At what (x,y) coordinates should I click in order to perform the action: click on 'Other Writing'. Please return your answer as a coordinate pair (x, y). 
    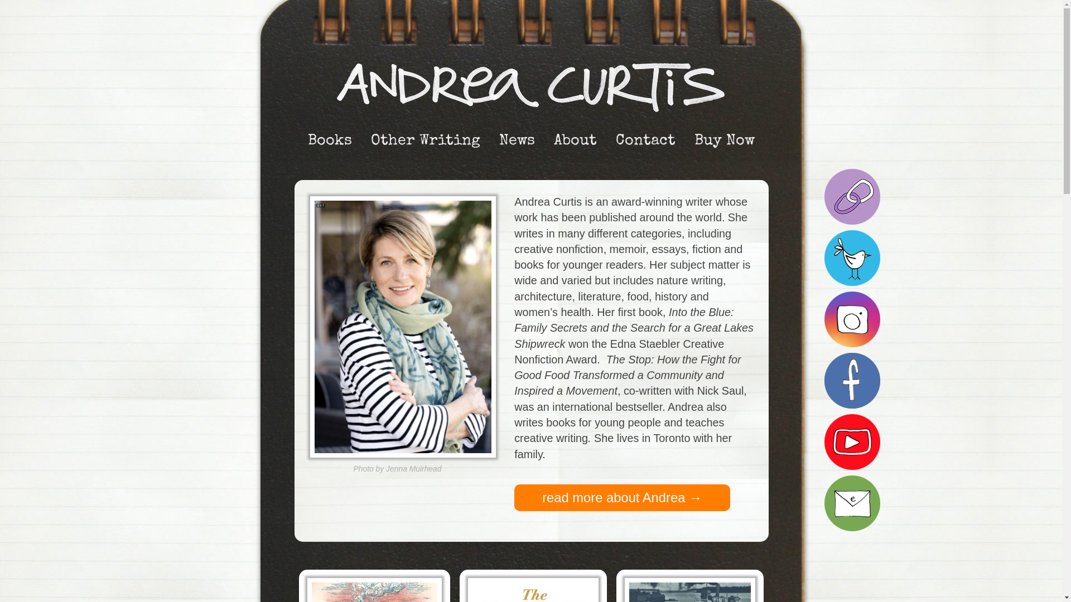
    Looking at the image, I should click on (371, 140).